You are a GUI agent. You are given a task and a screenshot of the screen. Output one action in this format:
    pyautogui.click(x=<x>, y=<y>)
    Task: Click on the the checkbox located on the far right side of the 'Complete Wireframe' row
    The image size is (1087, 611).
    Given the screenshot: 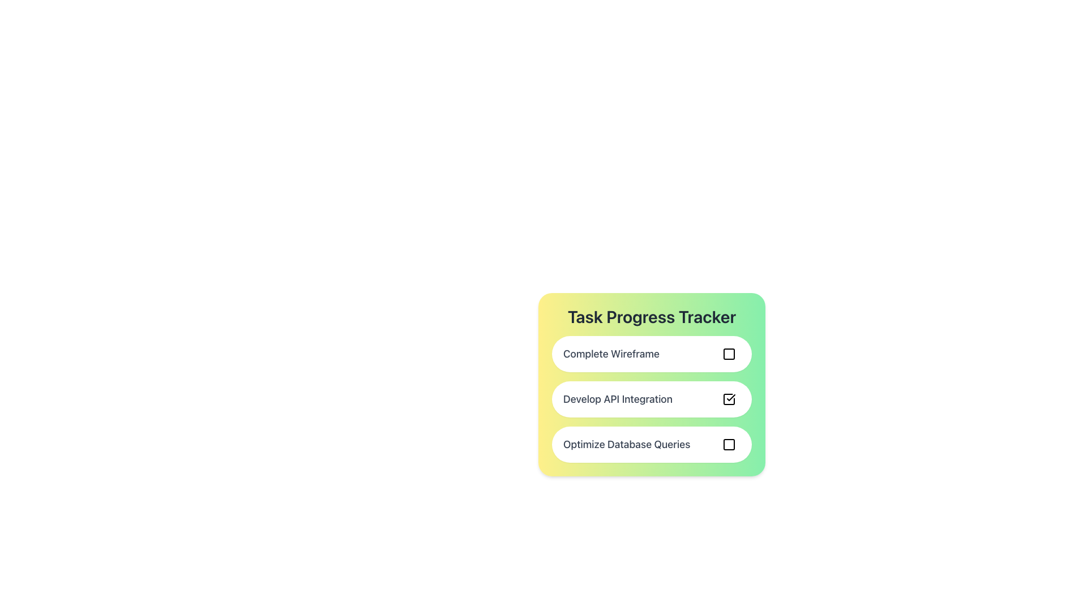 What is the action you would take?
    pyautogui.click(x=729, y=353)
    